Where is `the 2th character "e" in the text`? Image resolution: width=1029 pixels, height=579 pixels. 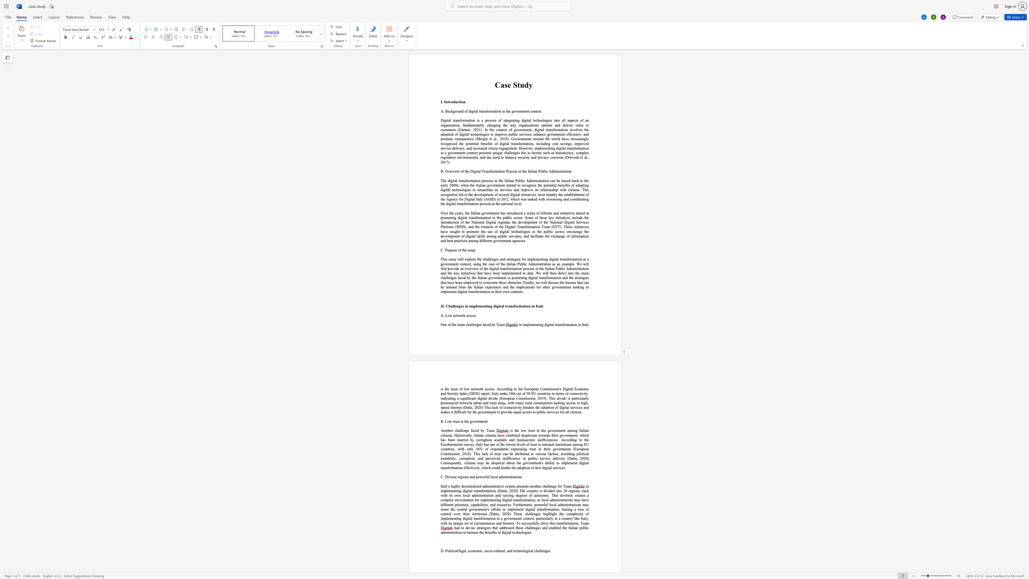 the 2th character "e" in the text is located at coordinates (472, 315).